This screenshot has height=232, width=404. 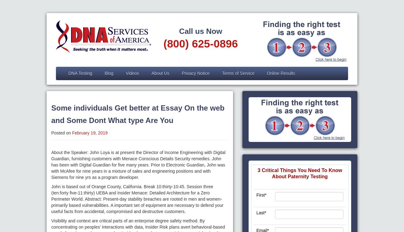 I want to click on '(800) 625-0896', so click(x=200, y=43).